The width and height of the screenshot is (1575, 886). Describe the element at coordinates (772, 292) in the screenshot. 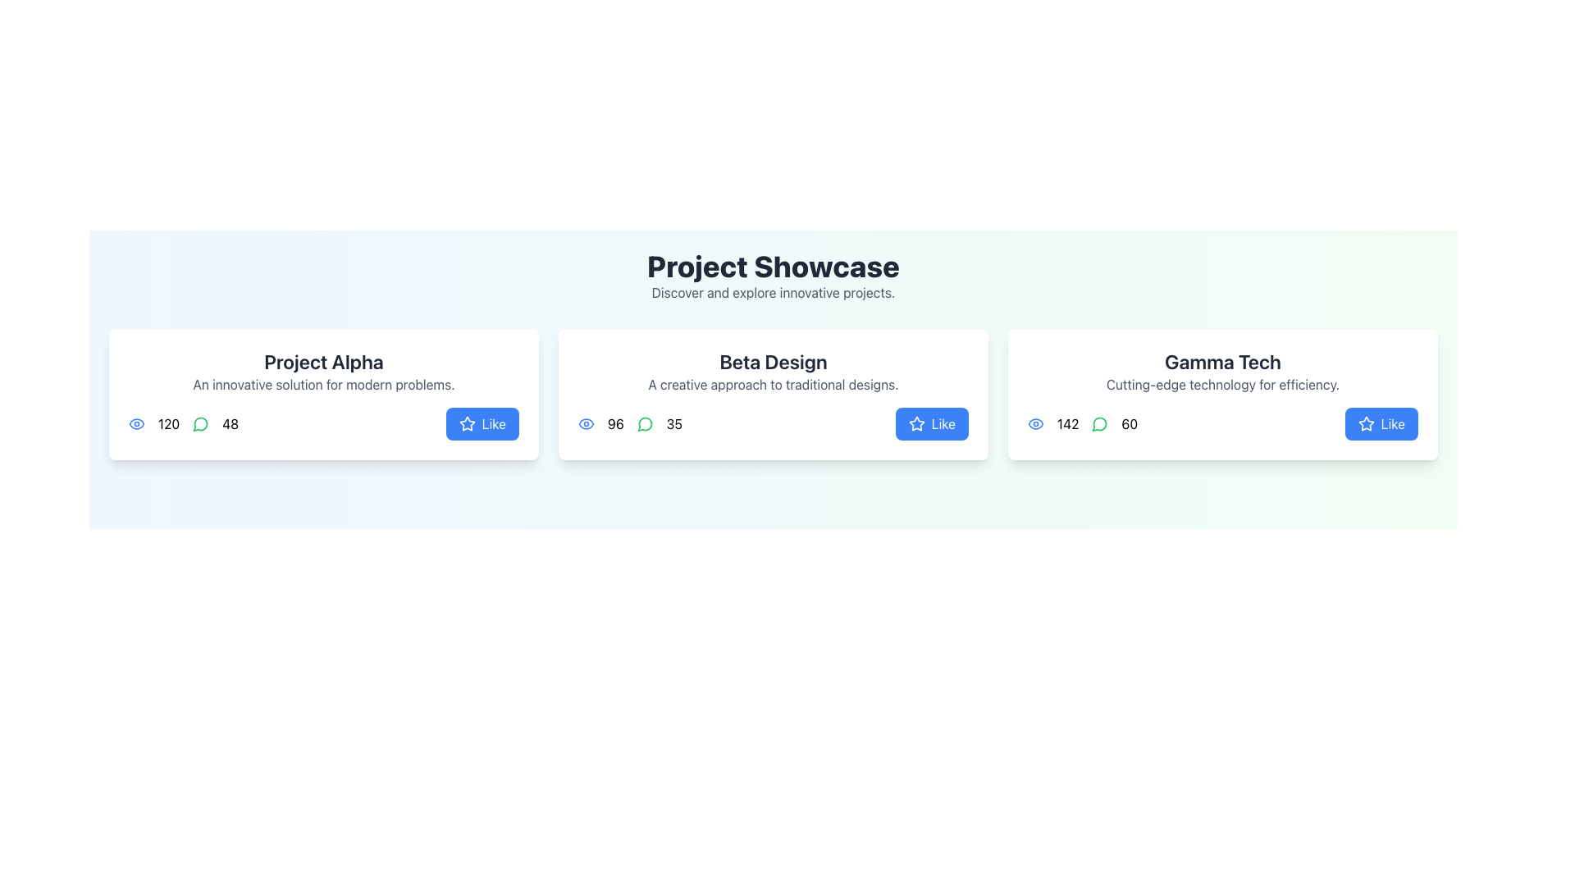

I see `the static text element that provides context for the 'Project Showcase' section, located directly under the bold heading` at that location.